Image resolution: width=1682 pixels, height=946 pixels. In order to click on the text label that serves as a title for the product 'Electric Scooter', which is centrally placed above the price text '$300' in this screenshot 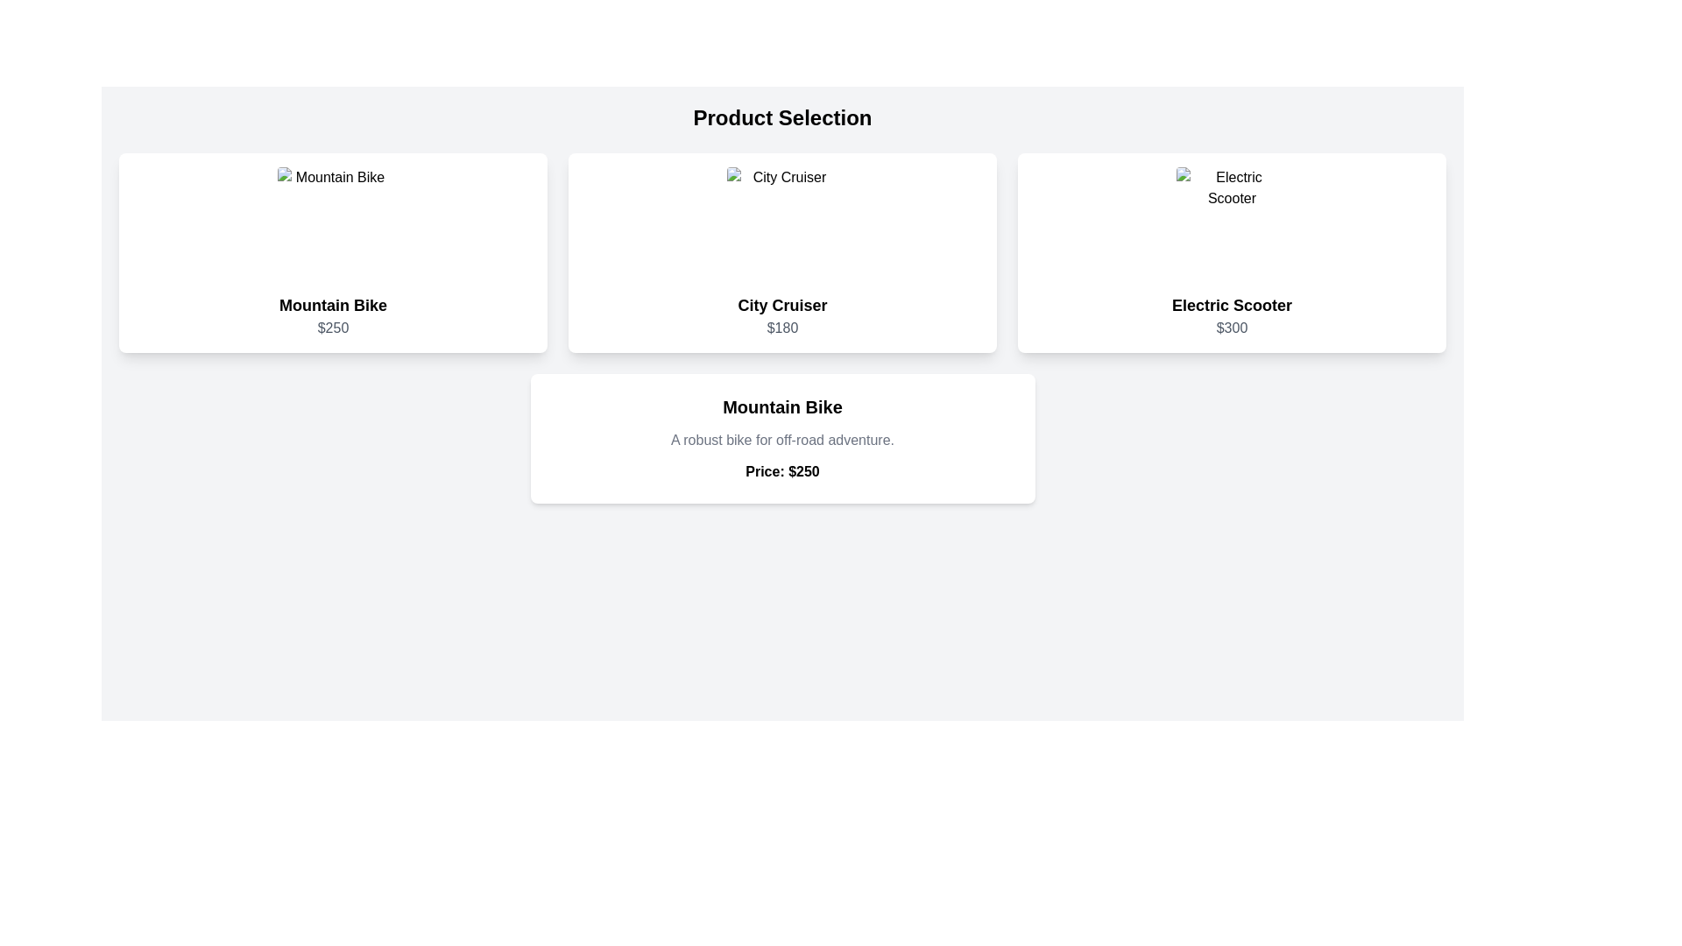, I will do `click(1231, 304)`.